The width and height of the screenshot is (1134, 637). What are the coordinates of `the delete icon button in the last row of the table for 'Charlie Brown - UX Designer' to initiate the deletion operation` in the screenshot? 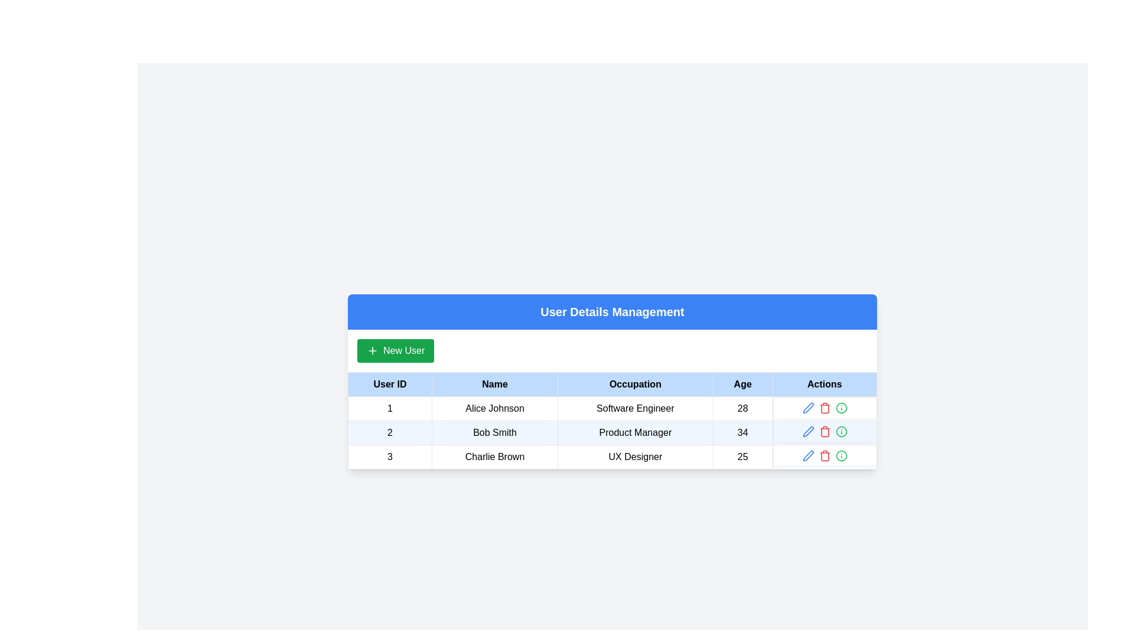 It's located at (824, 456).